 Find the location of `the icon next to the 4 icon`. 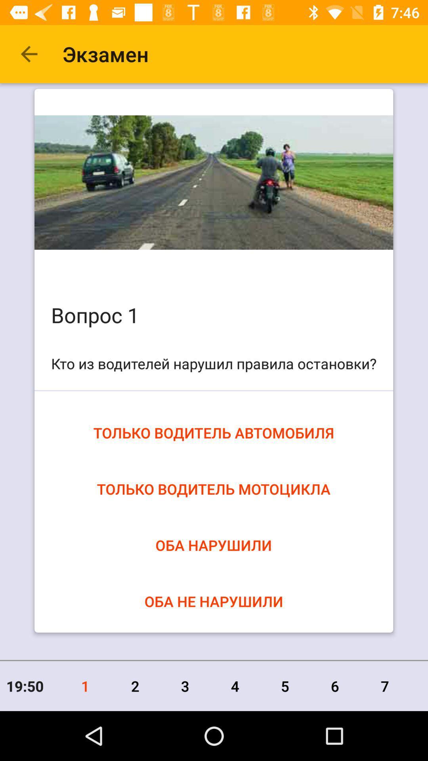

the icon next to the 4 icon is located at coordinates (285, 686).